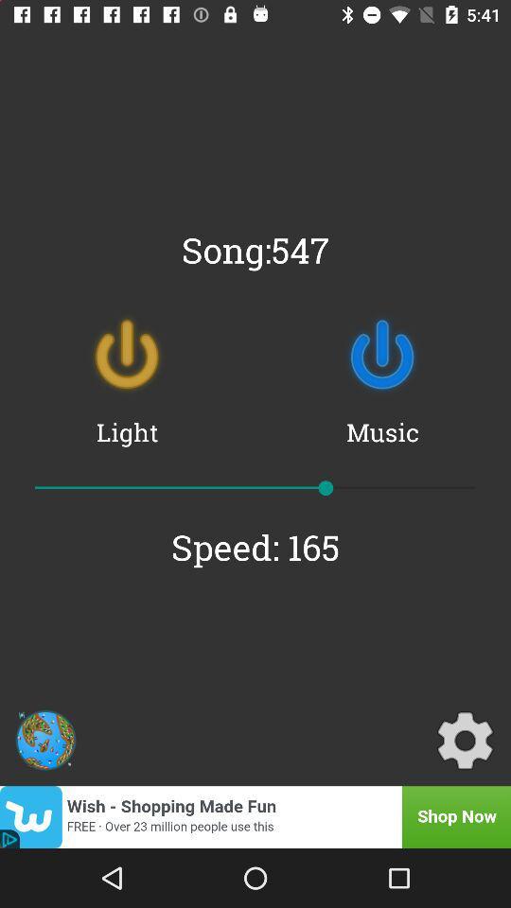 Image resolution: width=511 pixels, height=908 pixels. What do you see at coordinates (255, 249) in the screenshot?
I see `the item at the top` at bounding box center [255, 249].